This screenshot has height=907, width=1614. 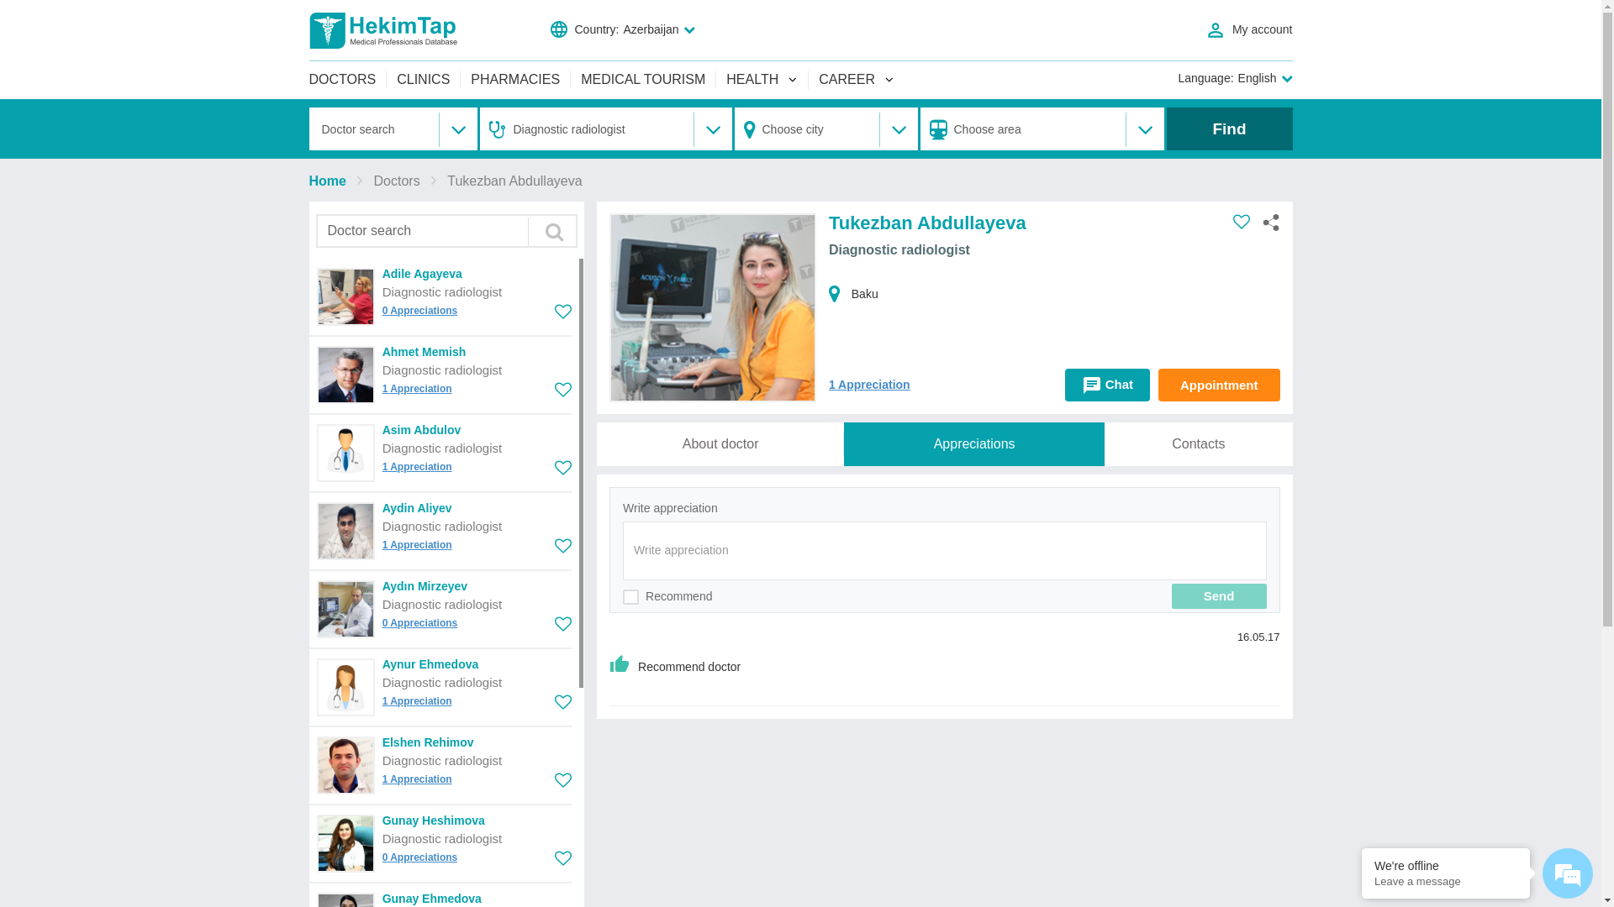 I want to click on '1 Appreciation', so click(x=417, y=388).